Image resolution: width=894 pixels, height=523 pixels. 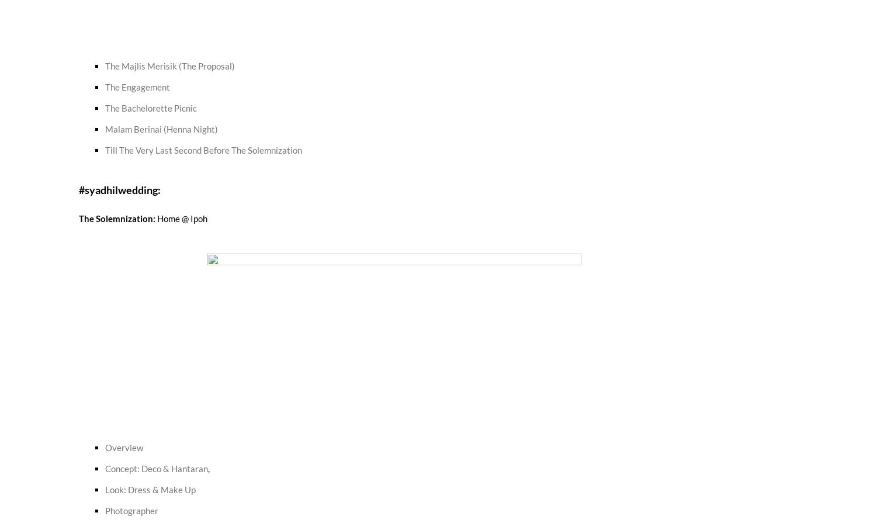 What do you see at coordinates (161, 128) in the screenshot?
I see `'Malam Berinai (Henna Night)'` at bounding box center [161, 128].